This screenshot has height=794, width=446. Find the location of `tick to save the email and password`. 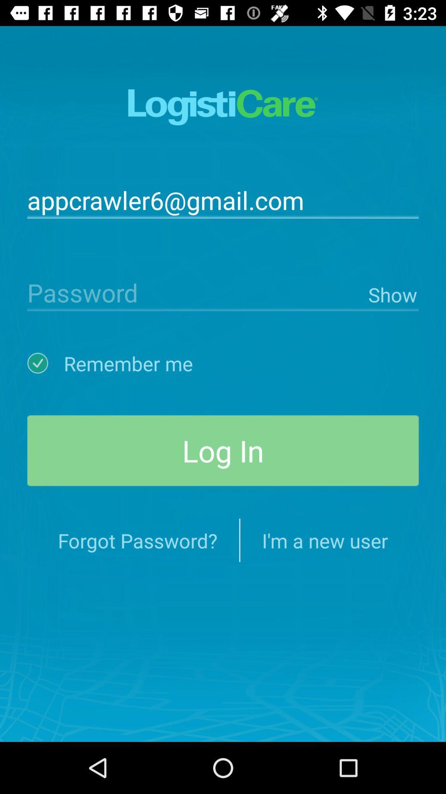

tick to save the email and password is located at coordinates (45, 363).